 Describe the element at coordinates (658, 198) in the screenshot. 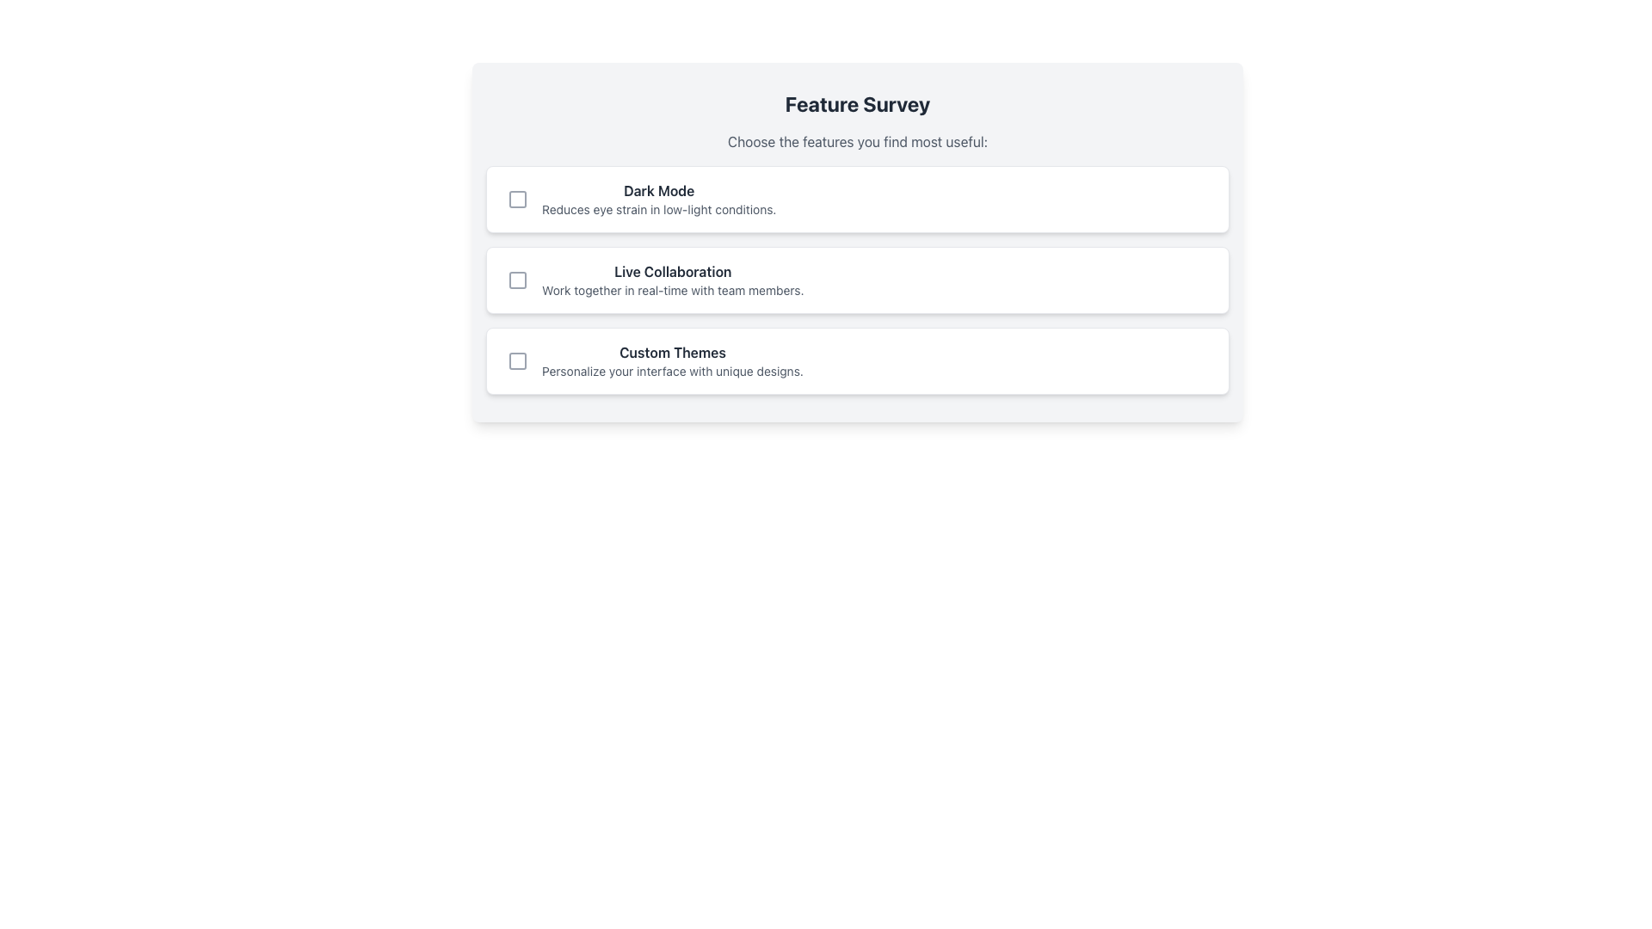

I see `text content of the 'Dark Mode' feature description block, which includes the bold text 'Dark Mode' and the smaller text 'Reduces eye strain in low-light conditions.'` at that location.